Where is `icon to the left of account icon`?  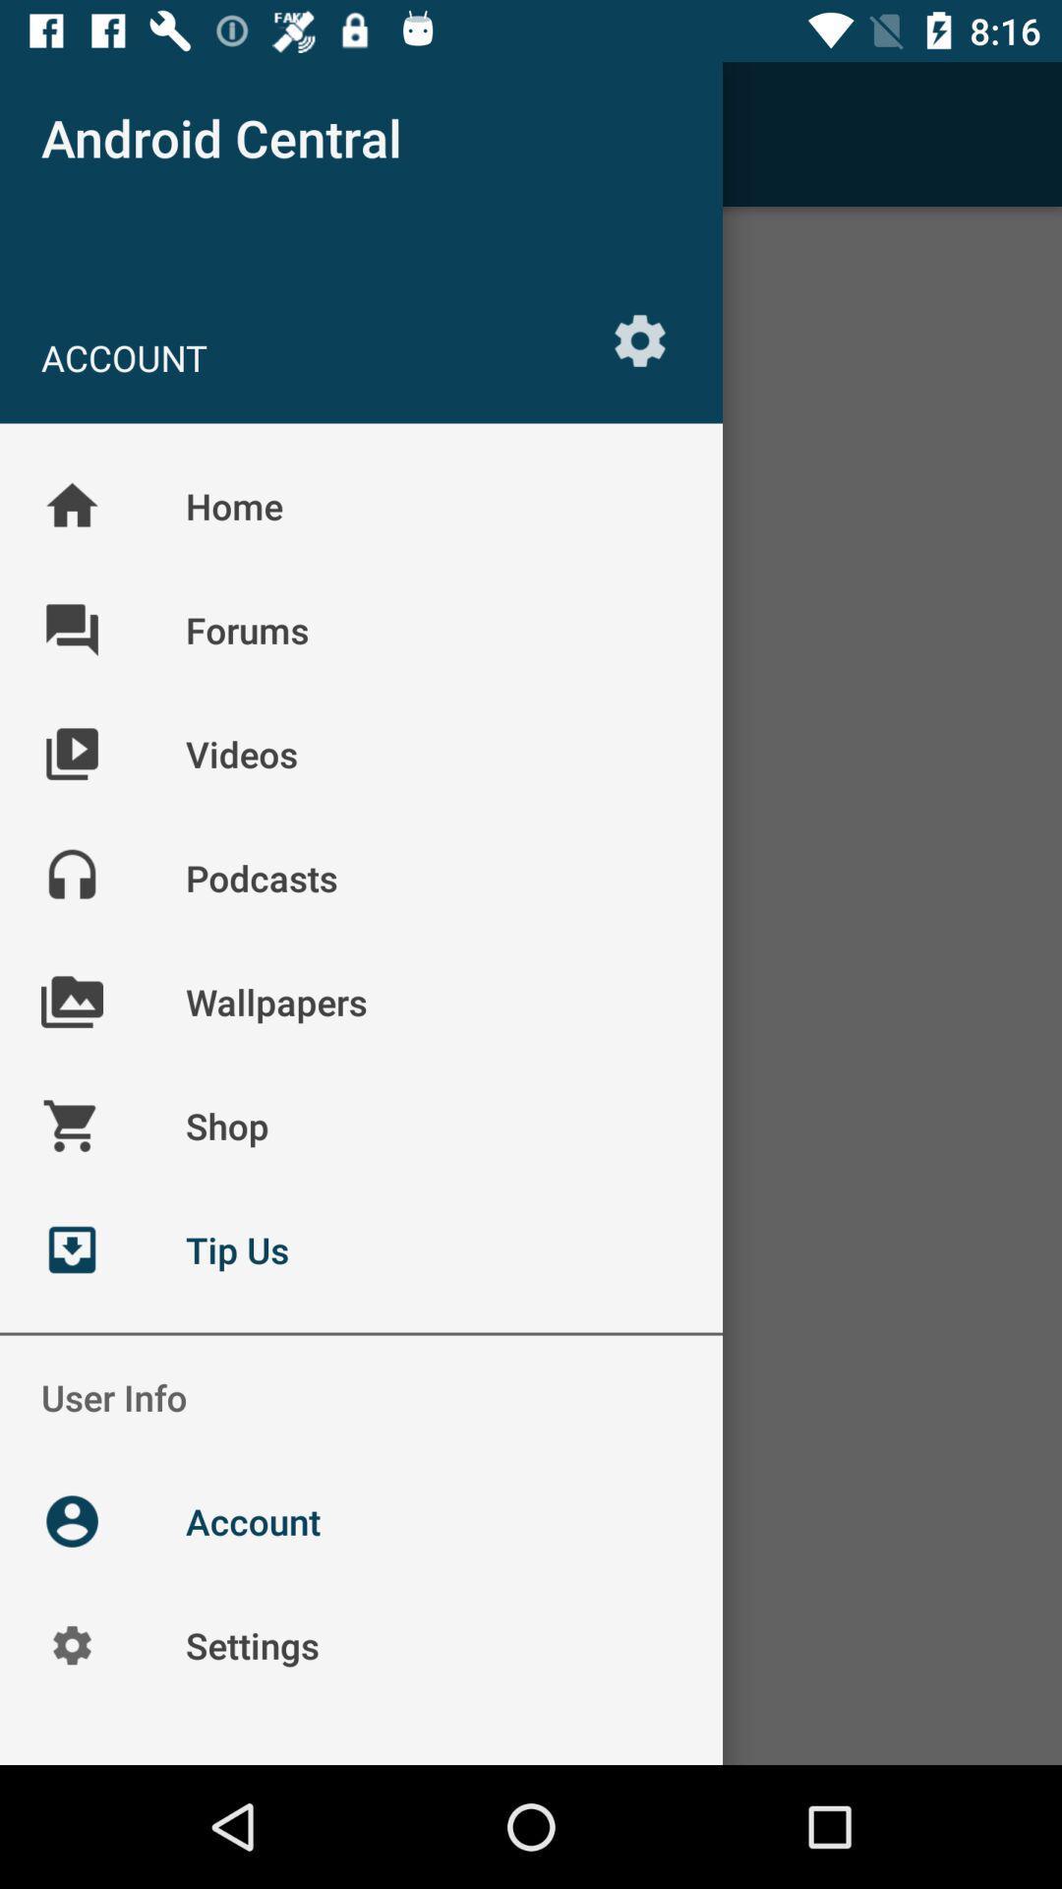 icon to the left of account icon is located at coordinates (71, 133).